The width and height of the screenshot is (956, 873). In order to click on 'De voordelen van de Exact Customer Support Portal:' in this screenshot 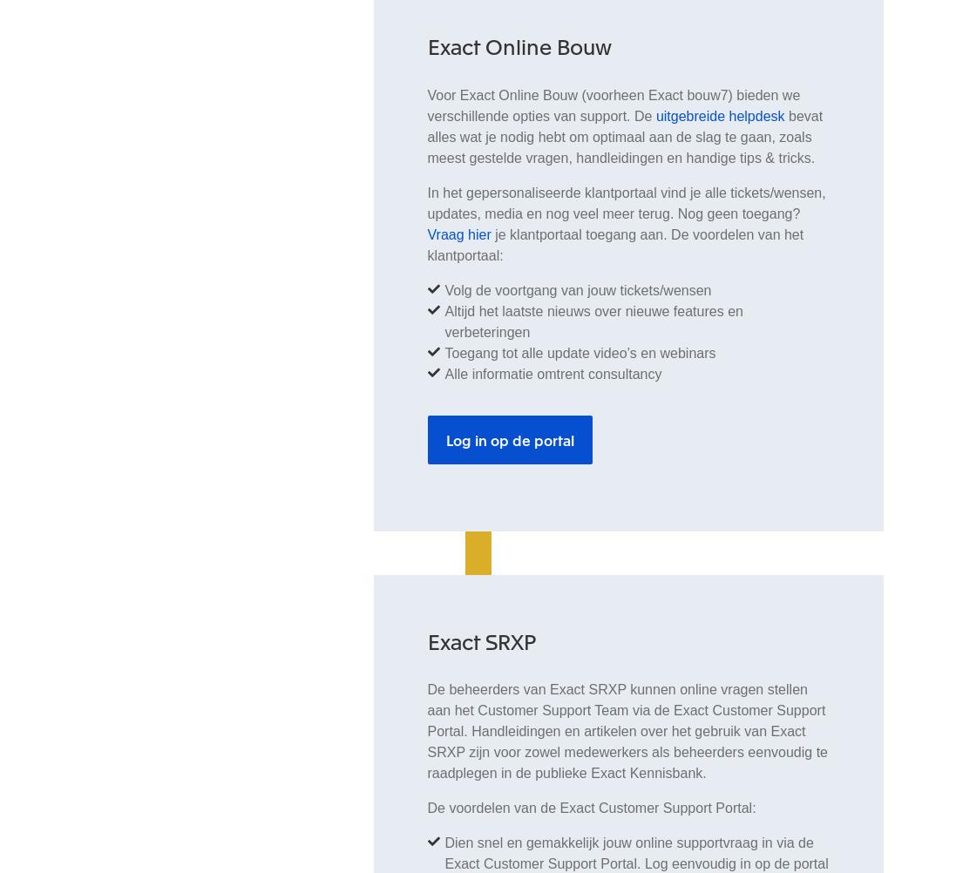, I will do `click(590, 807)`.